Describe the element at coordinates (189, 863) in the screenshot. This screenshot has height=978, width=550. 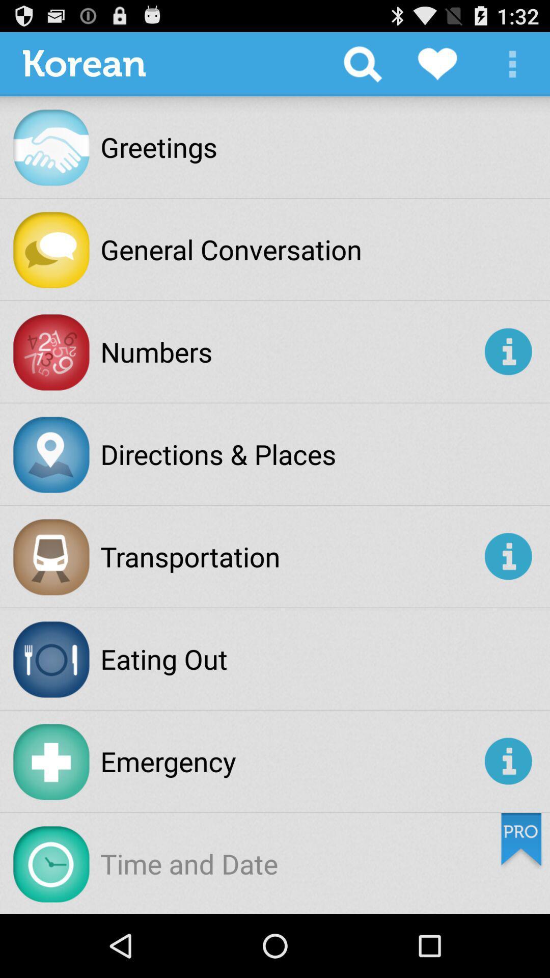
I see `the time and date icon` at that location.